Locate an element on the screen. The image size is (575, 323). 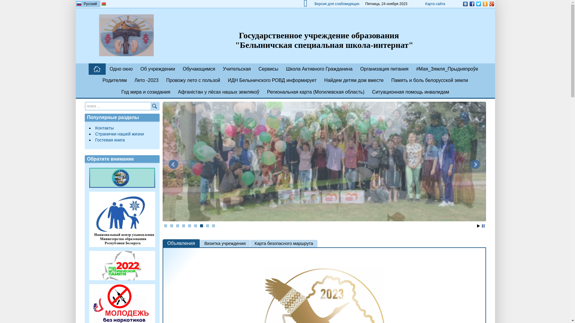
'3' is located at coordinates (177, 226).